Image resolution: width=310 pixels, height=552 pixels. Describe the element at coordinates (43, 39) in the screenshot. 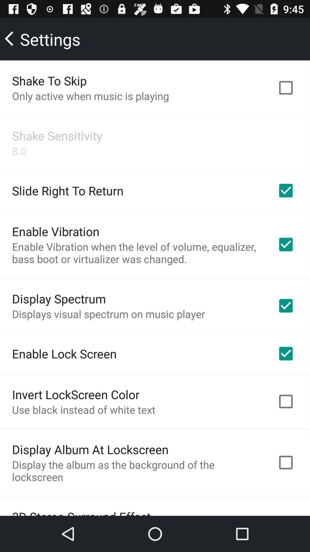

I see `settings app` at that location.